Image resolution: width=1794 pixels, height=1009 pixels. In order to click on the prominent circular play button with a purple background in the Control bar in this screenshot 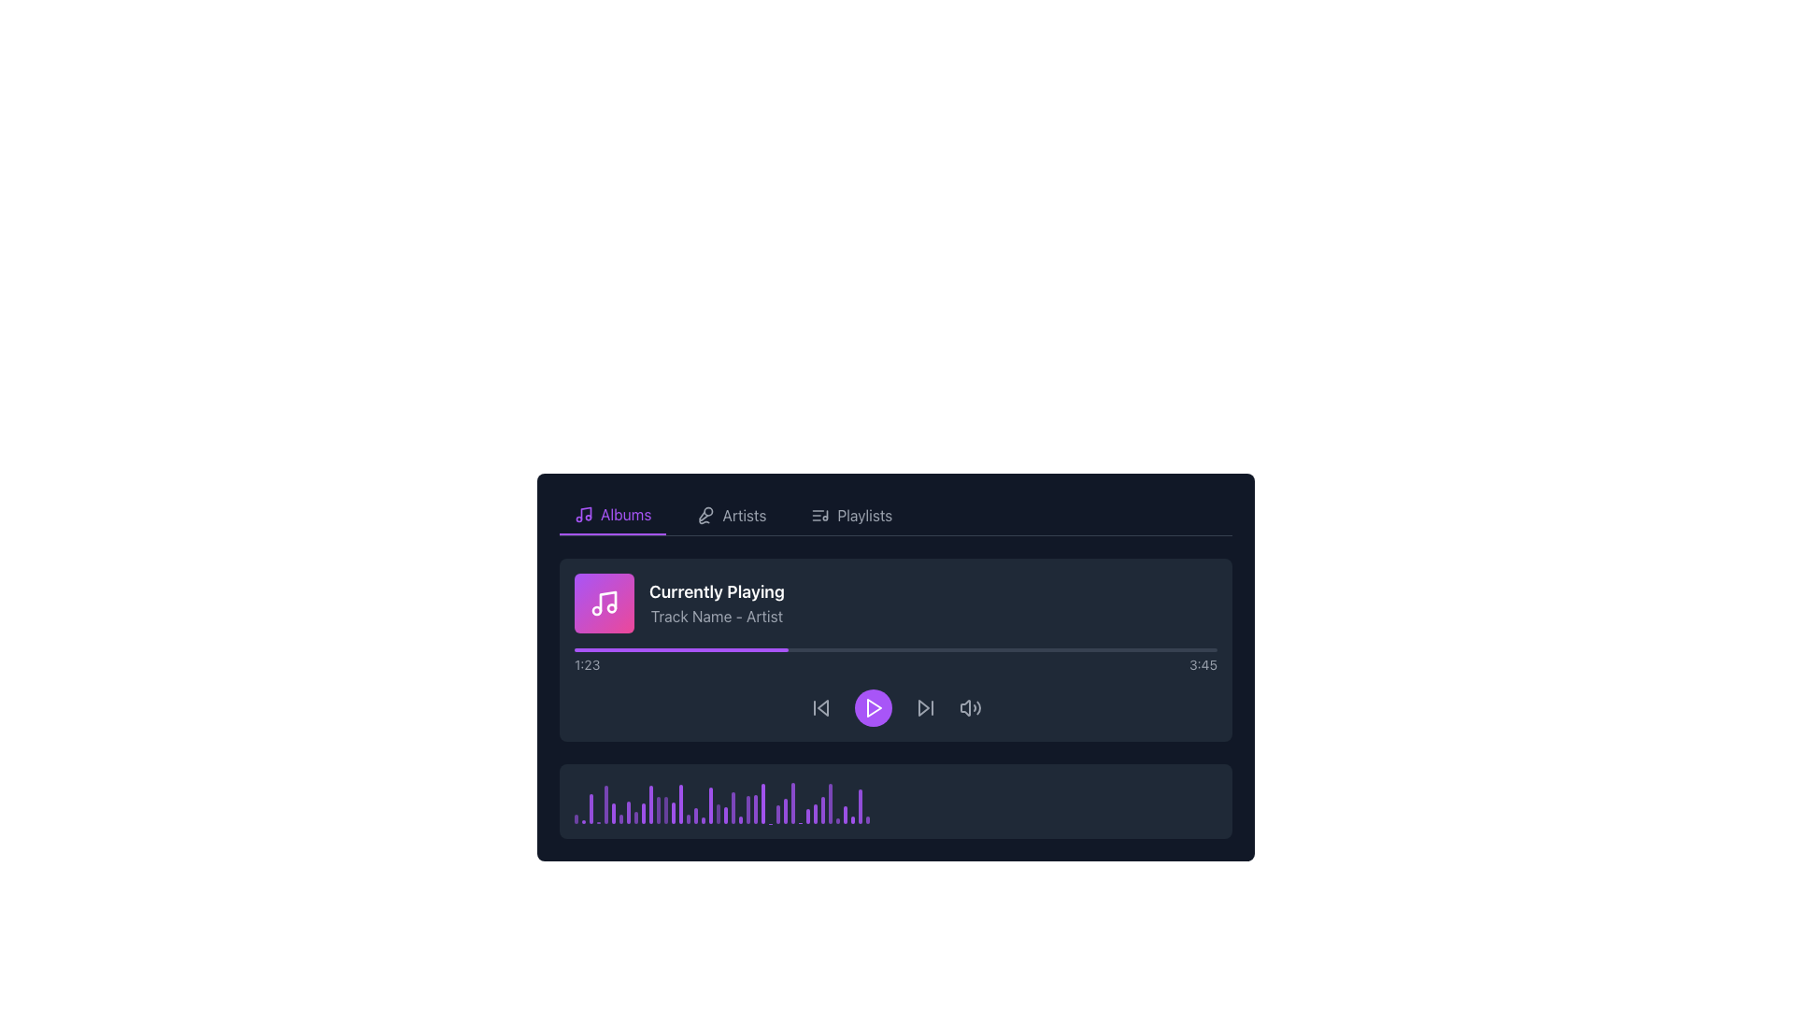, I will do `click(895, 708)`.